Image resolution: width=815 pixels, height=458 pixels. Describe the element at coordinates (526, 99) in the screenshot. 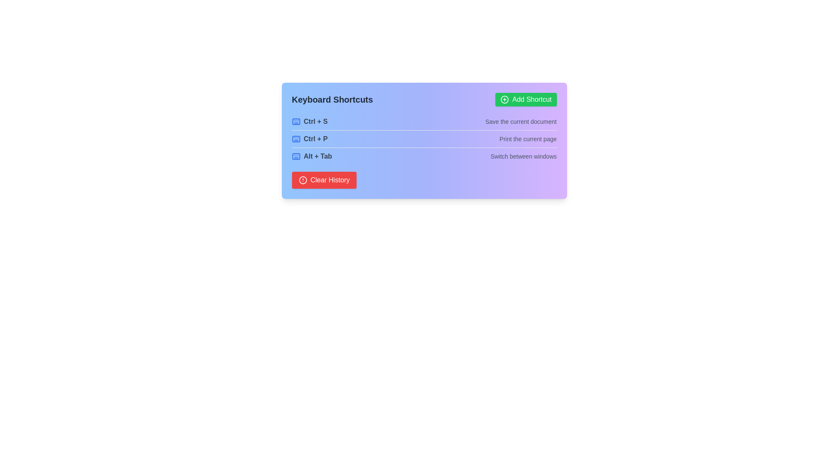

I see `the button located in the upper-right corner of the 'Keyboard Shortcuts' card` at that location.